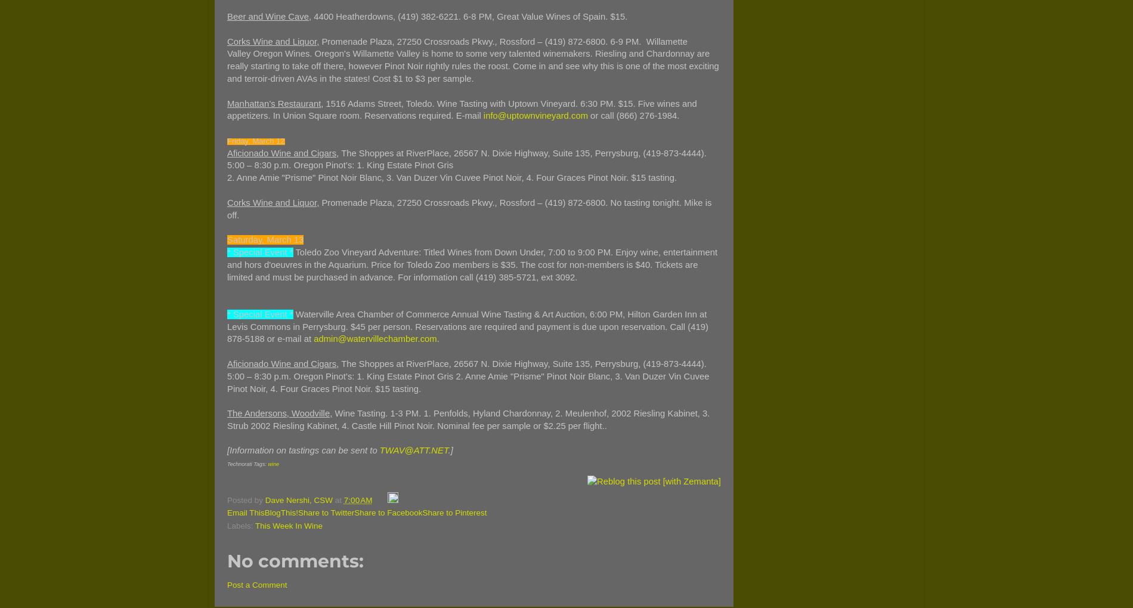  I want to click on '.', so click(437, 338).